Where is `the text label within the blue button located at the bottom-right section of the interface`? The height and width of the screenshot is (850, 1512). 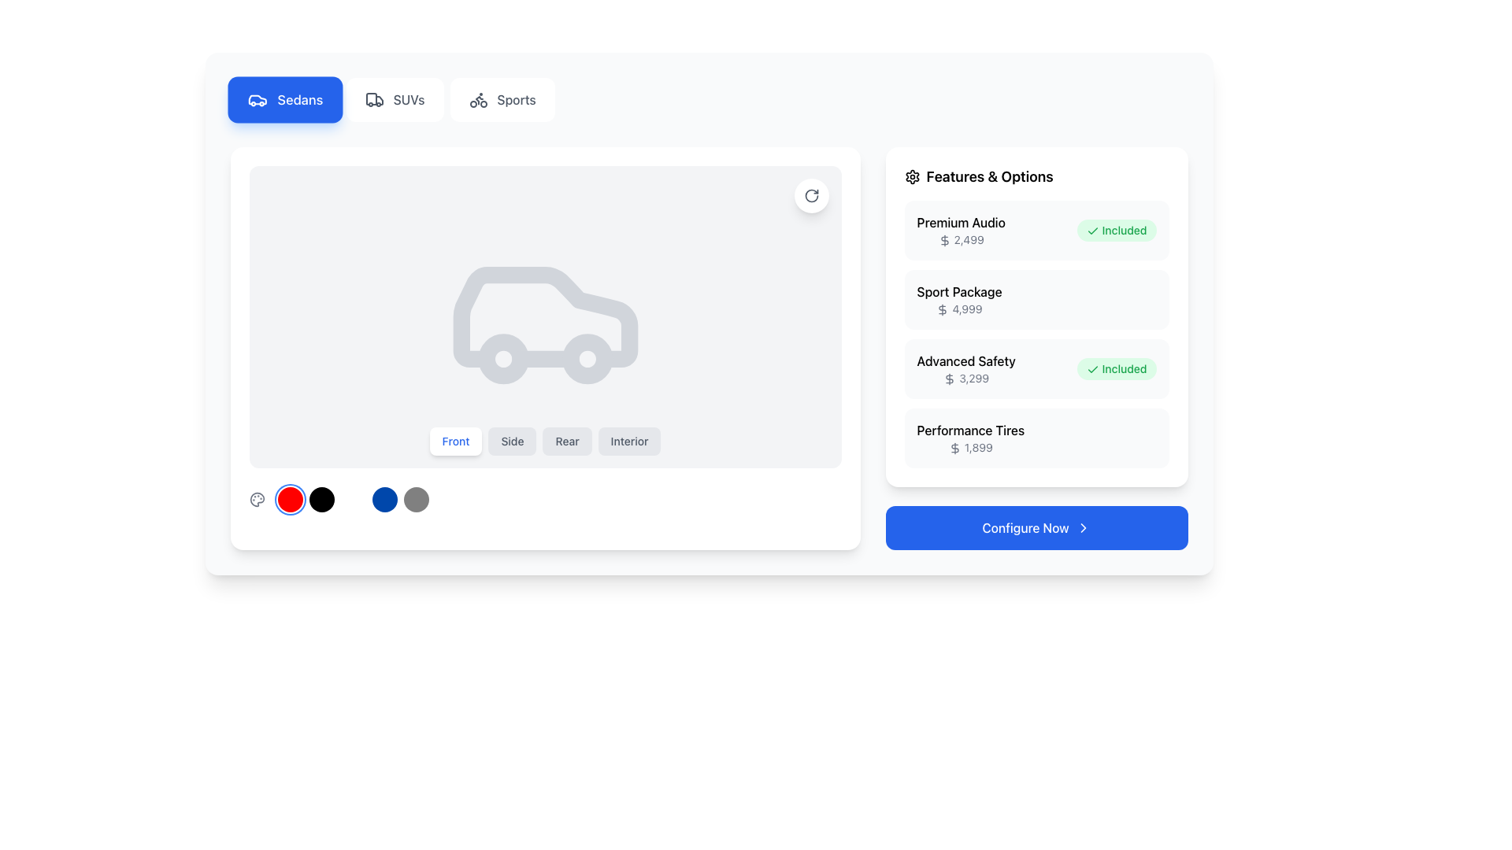 the text label within the blue button located at the bottom-right section of the interface is located at coordinates (1025, 528).